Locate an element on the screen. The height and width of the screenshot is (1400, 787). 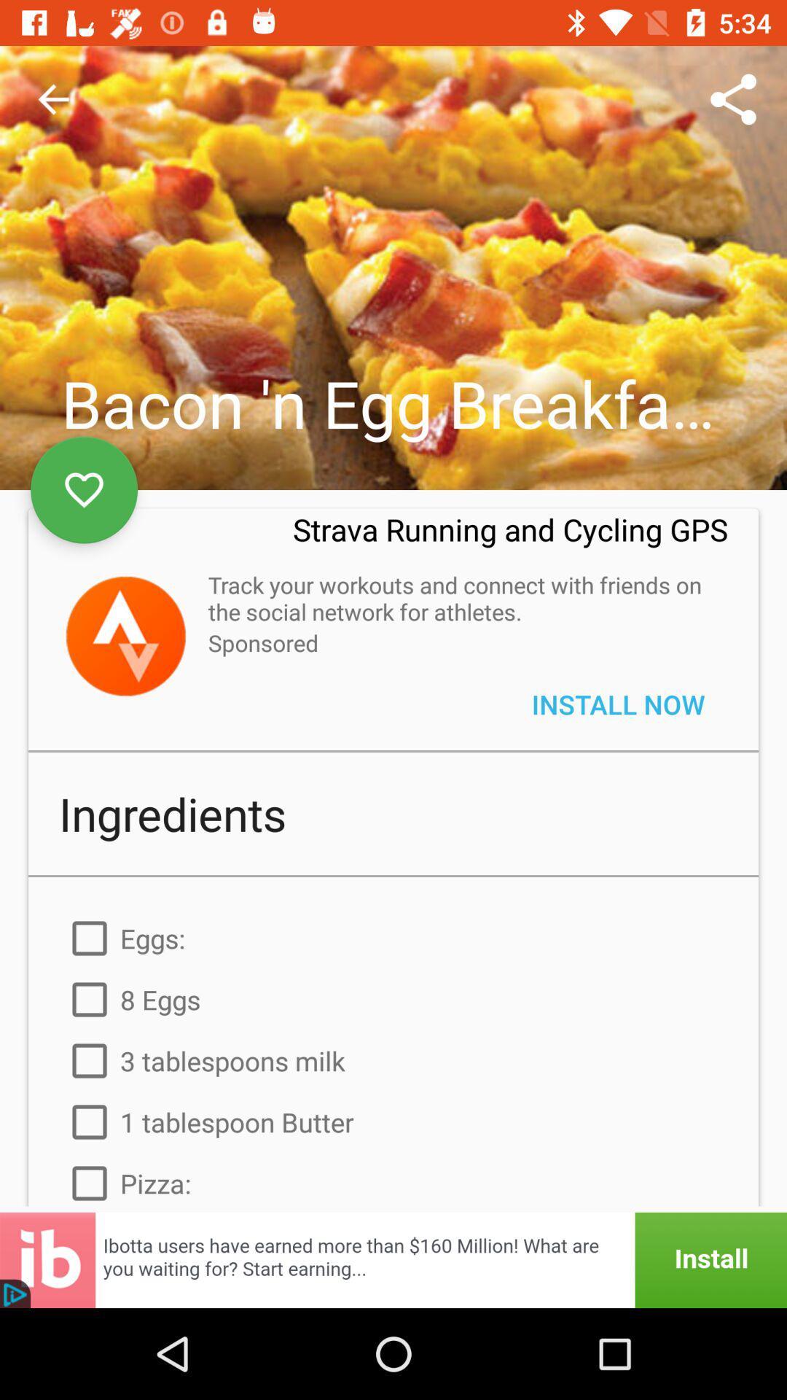
item above the 8 eggs is located at coordinates (393, 938).